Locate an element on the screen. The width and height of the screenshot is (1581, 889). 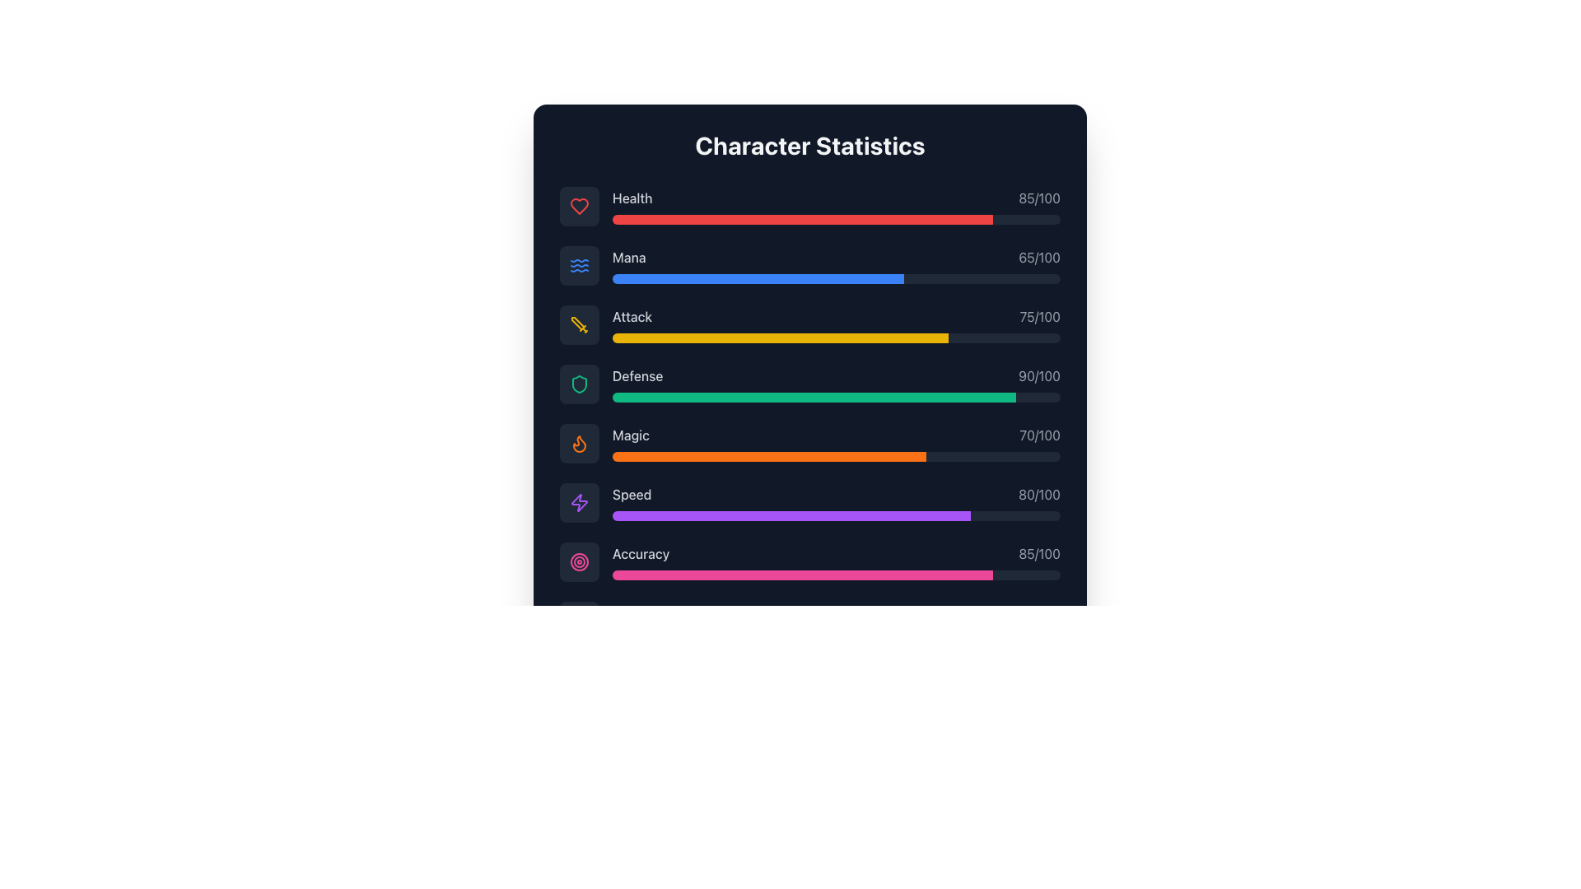
the progress bar representing 'Defense' with a value of '90/100', which is the fourth item in the vertical statistics list is located at coordinates (837, 397).